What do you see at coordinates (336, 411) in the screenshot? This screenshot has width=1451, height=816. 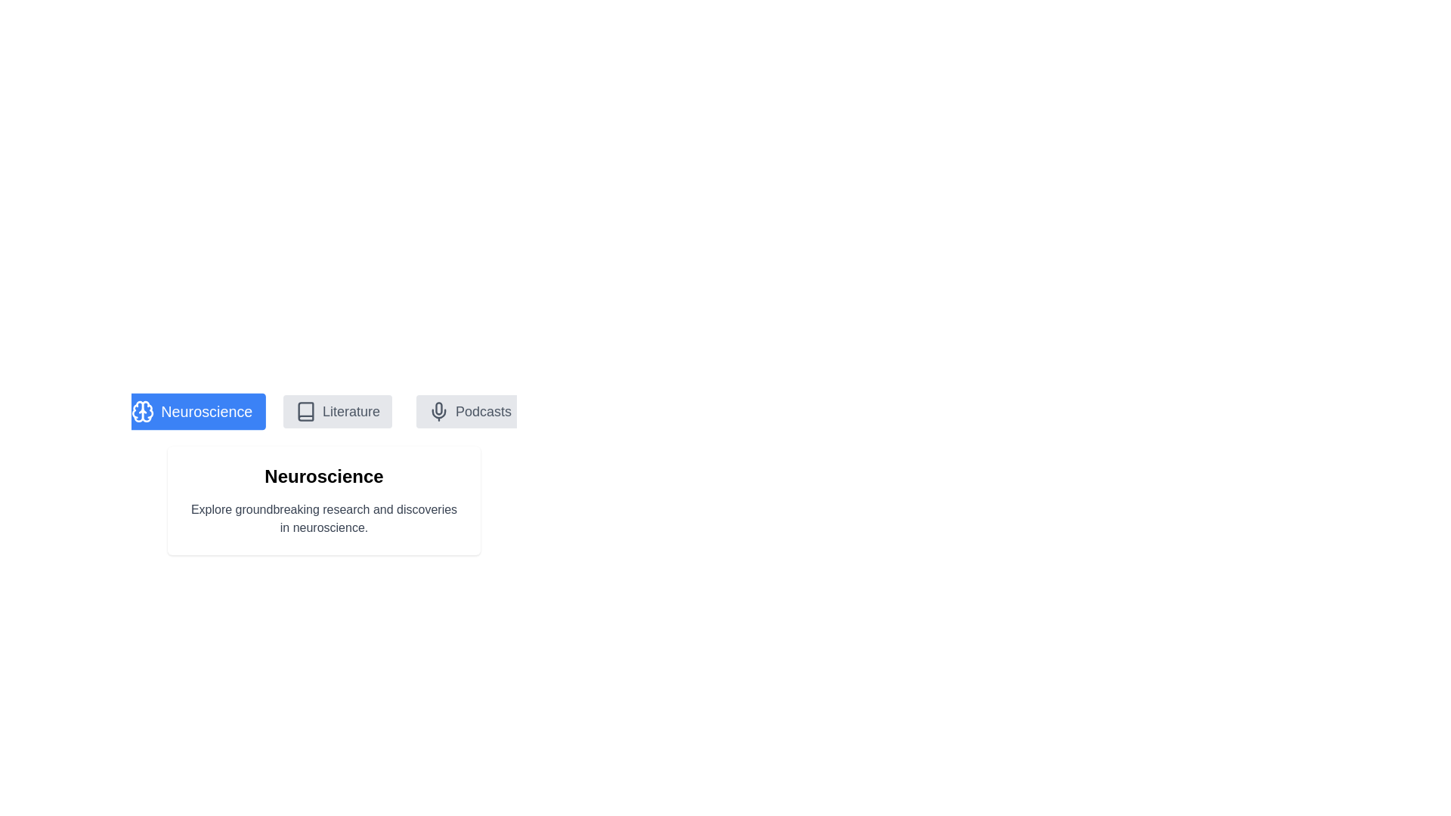 I see `the tab labeled Literature` at bounding box center [336, 411].